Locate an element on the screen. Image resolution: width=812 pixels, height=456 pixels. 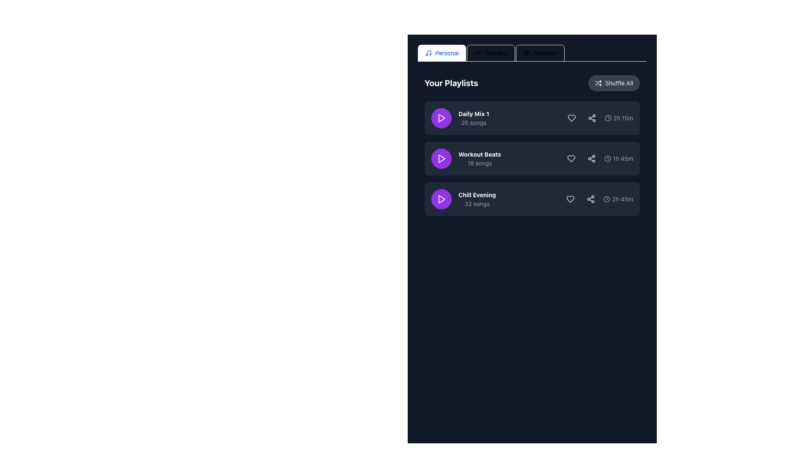
the right-facing triangular play icon with a solid stroke style, which is white inside a purple circular background, located in the 'Your Playlists' section for the 'Workout Beats' playlist is located at coordinates (442, 158).